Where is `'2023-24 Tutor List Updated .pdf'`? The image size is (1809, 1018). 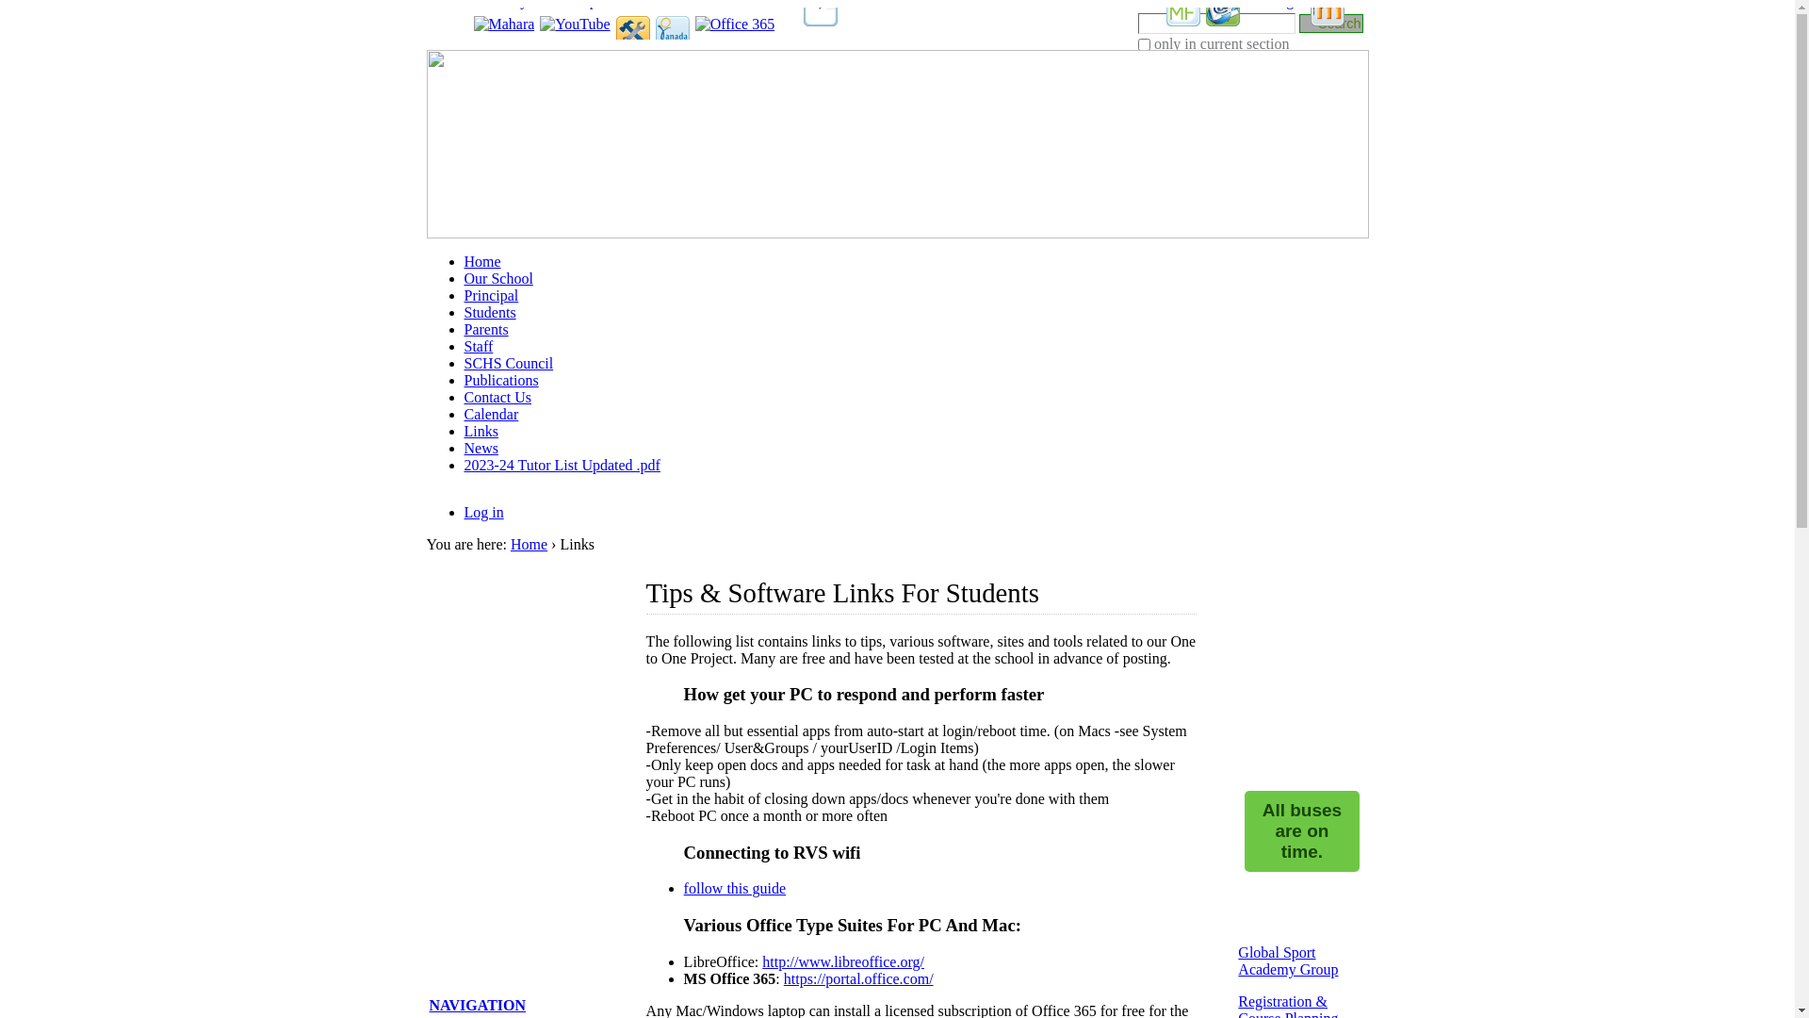
'2023-24 Tutor List Updated .pdf' is located at coordinates (560, 465).